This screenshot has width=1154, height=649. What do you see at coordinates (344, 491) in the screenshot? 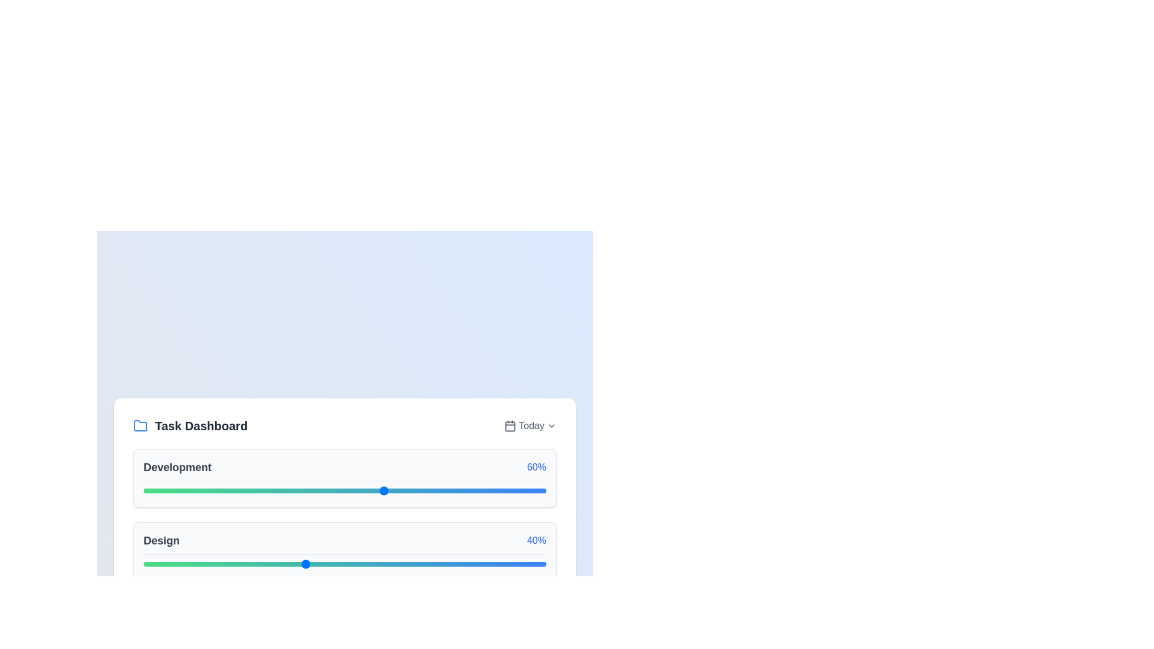
I see `the circular handle of the Range Slider, which is horizontally styled with a gradient from green` at bounding box center [344, 491].